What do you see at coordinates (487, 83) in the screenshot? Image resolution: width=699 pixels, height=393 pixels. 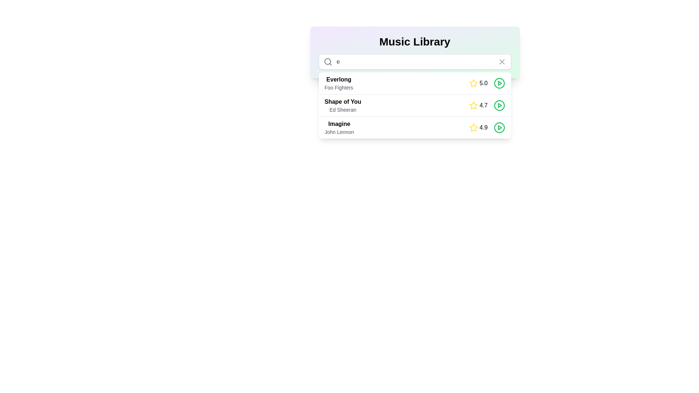 I see `the rating indicator for the song 'Everlong' by 'Foo Fighters', located in the first entry of the 'Music Library' interface, positioned between the song details and the green play button` at bounding box center [487, 83].